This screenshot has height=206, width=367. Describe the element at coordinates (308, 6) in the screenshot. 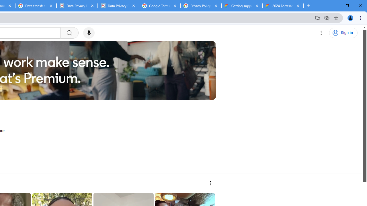

I see `'New Tab'` at that location.